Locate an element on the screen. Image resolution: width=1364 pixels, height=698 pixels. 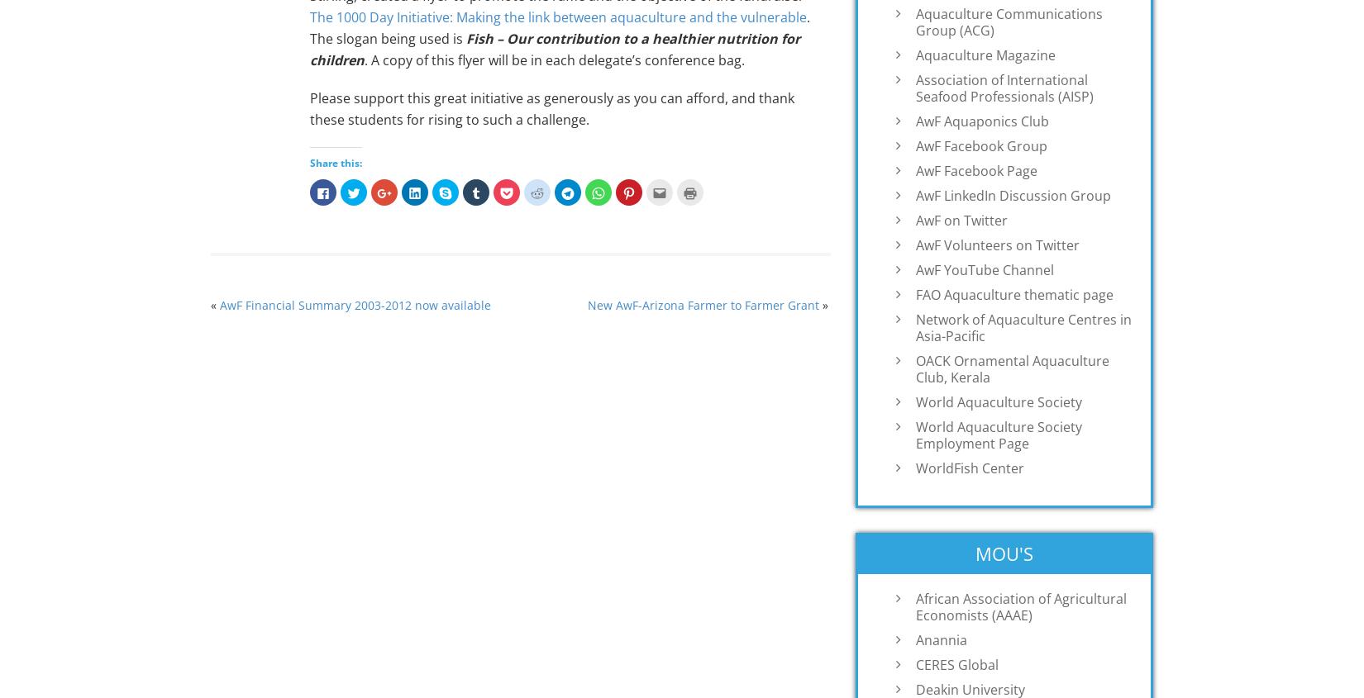
'New AwF-Arizona Farmer to Farmer Grant' is located at coordinates (585, 304).